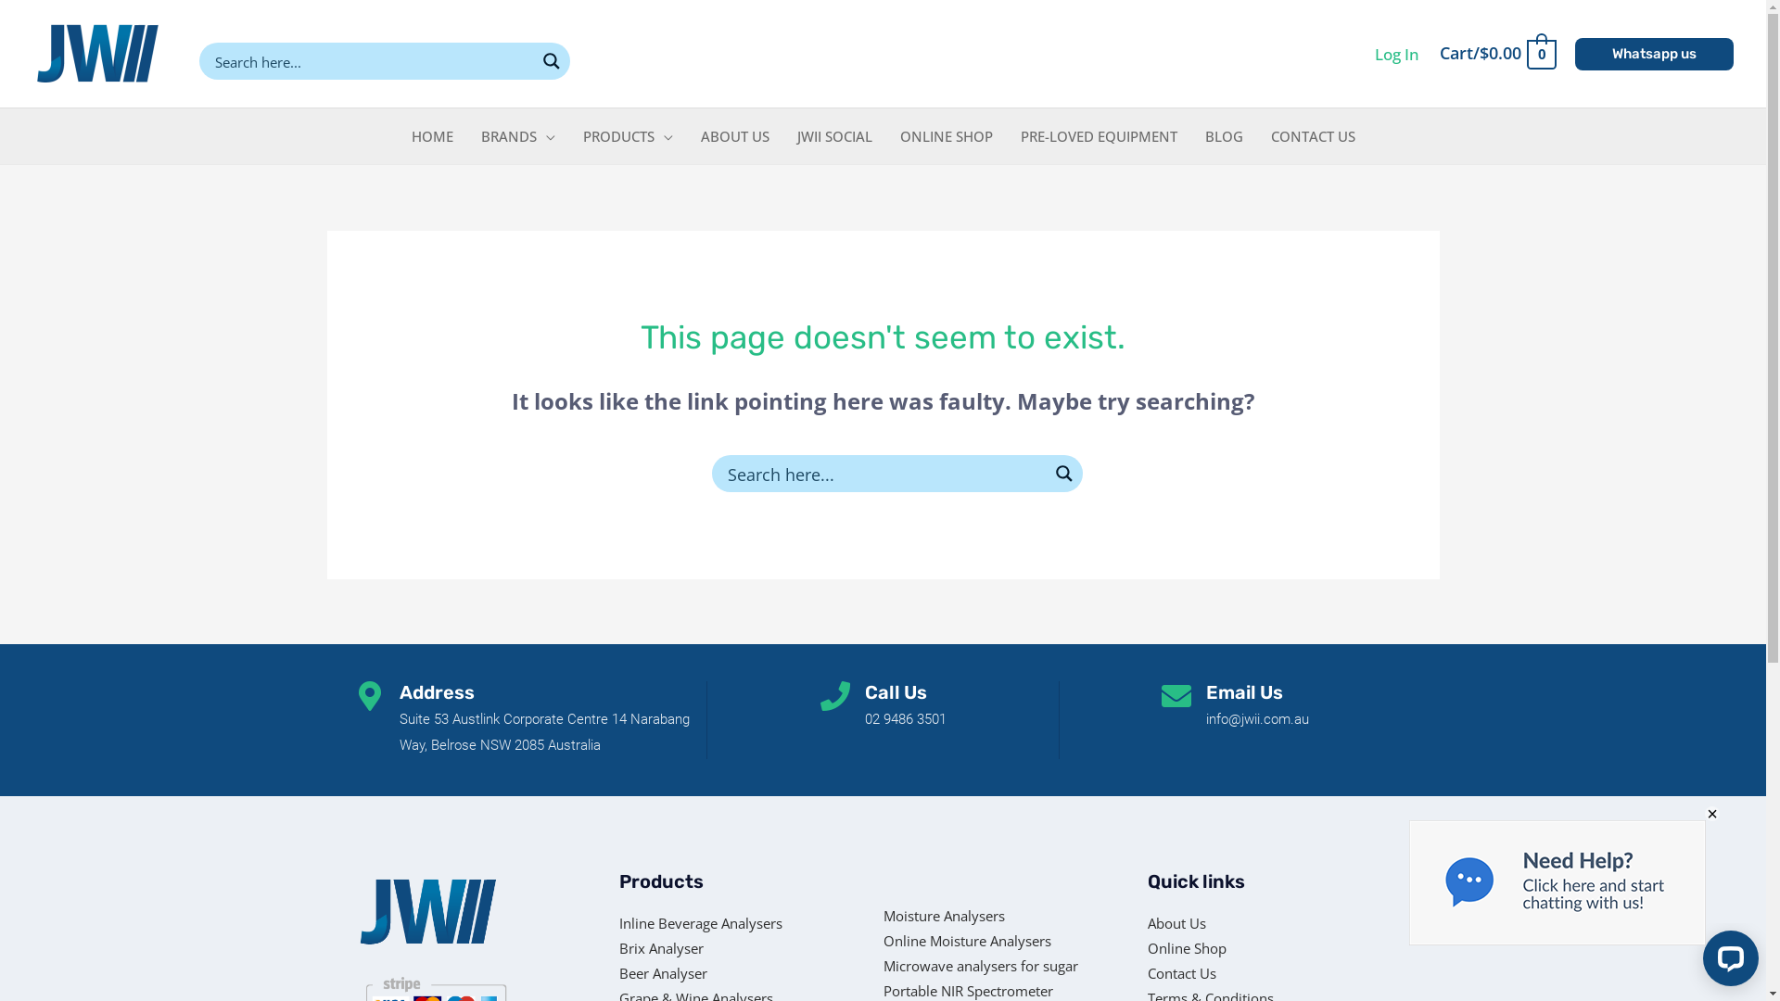  What do you see at coordinates (896, 692) in the screenshot?
I see `'Call Us'` at bounding box center [896, 692].